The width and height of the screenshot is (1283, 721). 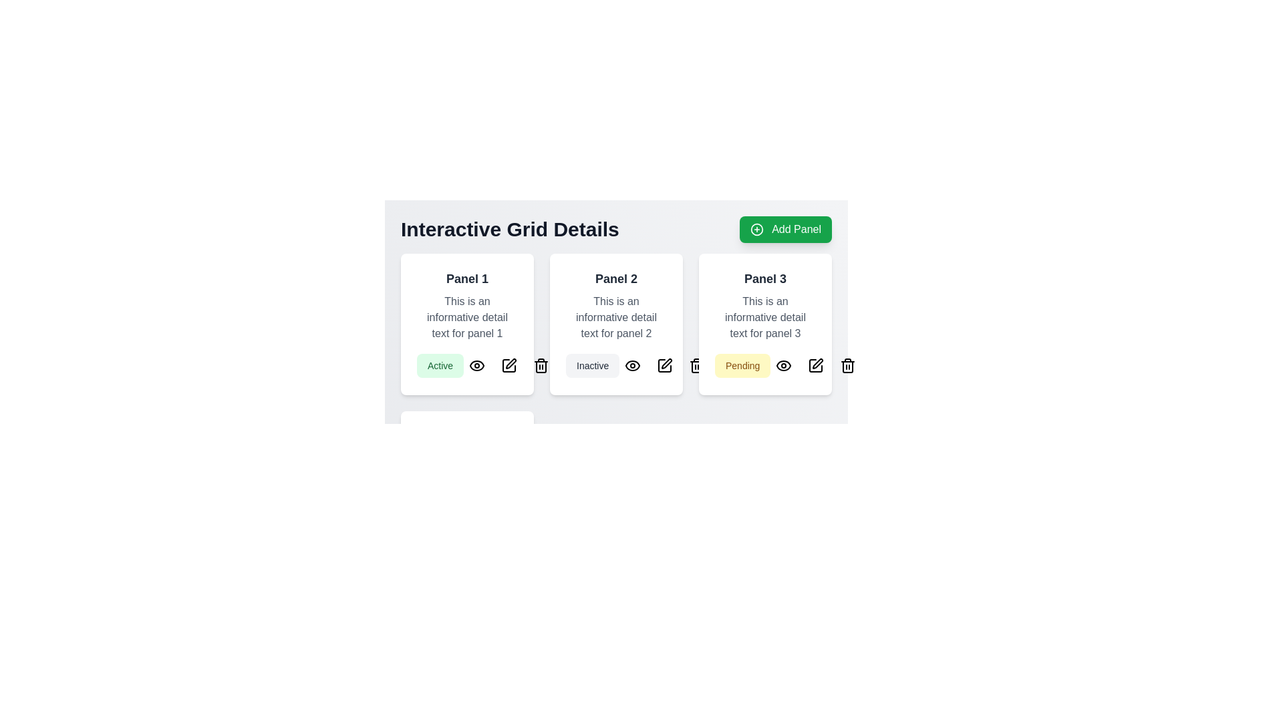 I want to click on SVG Circle Element that represents the plus-symbol icon for the 'Add Panel' button, which is located at the top right corner of the interface with a green background, so click(x=757, y=228).